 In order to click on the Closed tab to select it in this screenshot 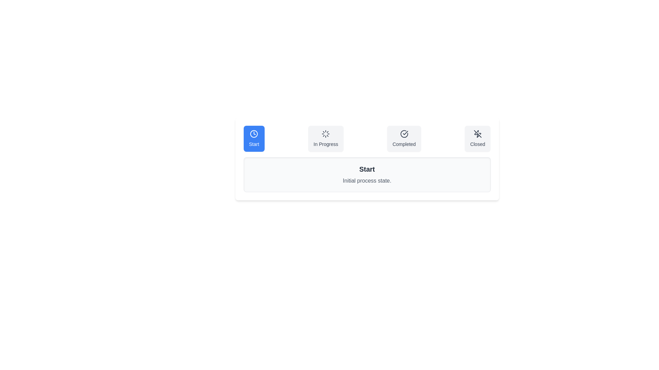, I will do `click(477, 139)`.